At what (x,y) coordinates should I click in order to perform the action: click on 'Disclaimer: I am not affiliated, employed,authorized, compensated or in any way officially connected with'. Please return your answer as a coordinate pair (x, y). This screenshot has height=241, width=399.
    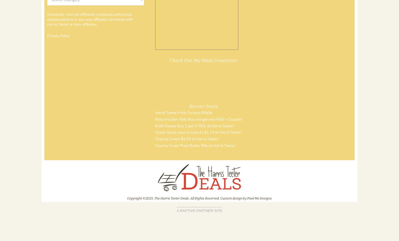
    Looking at the image, I should click on (47, 16).